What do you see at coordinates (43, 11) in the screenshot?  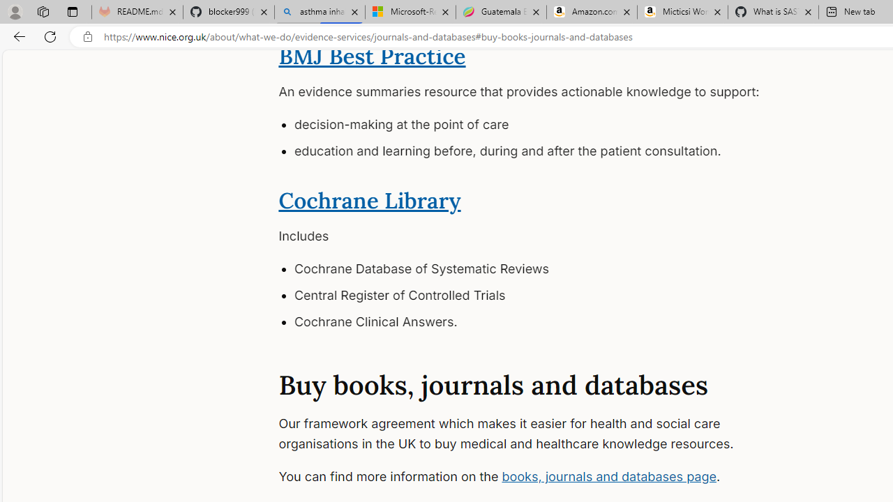 I see `'Workspaces'` at bounding box center [43, 11].